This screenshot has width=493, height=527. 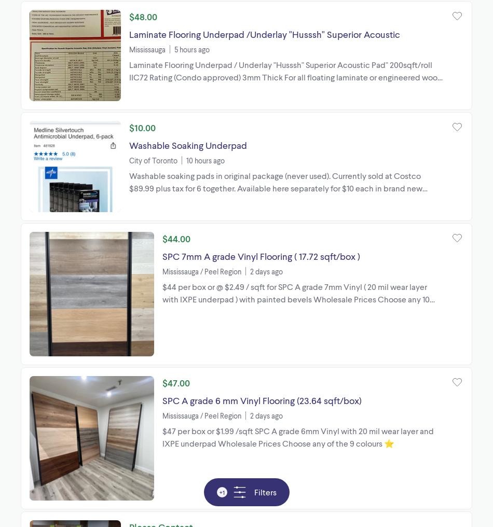 I want to click on 'Washable Soaking Underpad', so click(x=187, y=145).